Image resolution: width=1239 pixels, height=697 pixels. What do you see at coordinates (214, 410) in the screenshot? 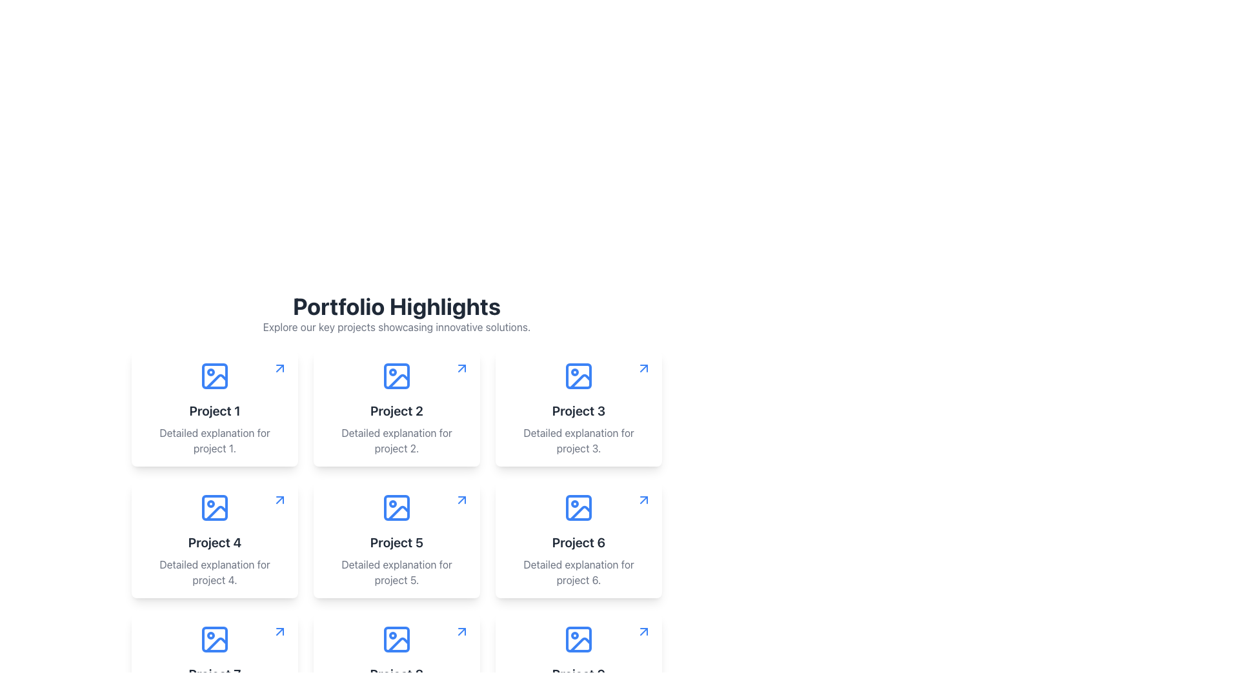
I see `the text label that displays the title of the project within the first card of the grid layout, positioned below an icon and above descriptive text` at bounding box center [214, 410].